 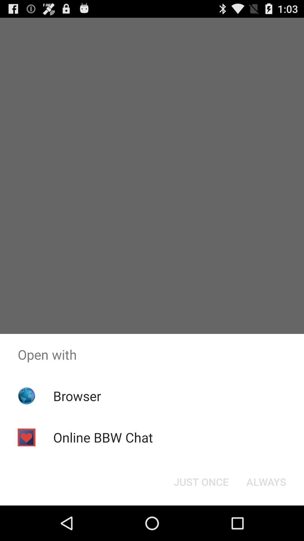 What do you see at coordinates (103, 437) in the screenshot?
I see `the online bbw chat item` at bounding box center [103, 437].